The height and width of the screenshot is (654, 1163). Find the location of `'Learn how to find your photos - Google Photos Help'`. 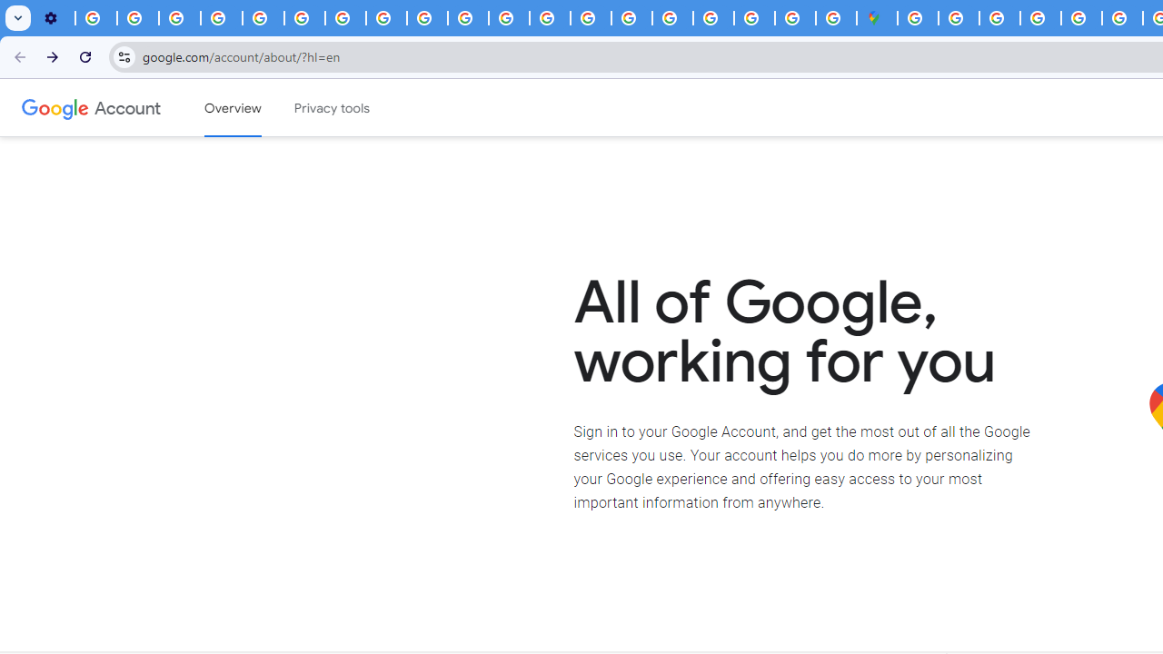

'Learn how to find your photos - Google Photos Help' is located at coordinates (137, 18).